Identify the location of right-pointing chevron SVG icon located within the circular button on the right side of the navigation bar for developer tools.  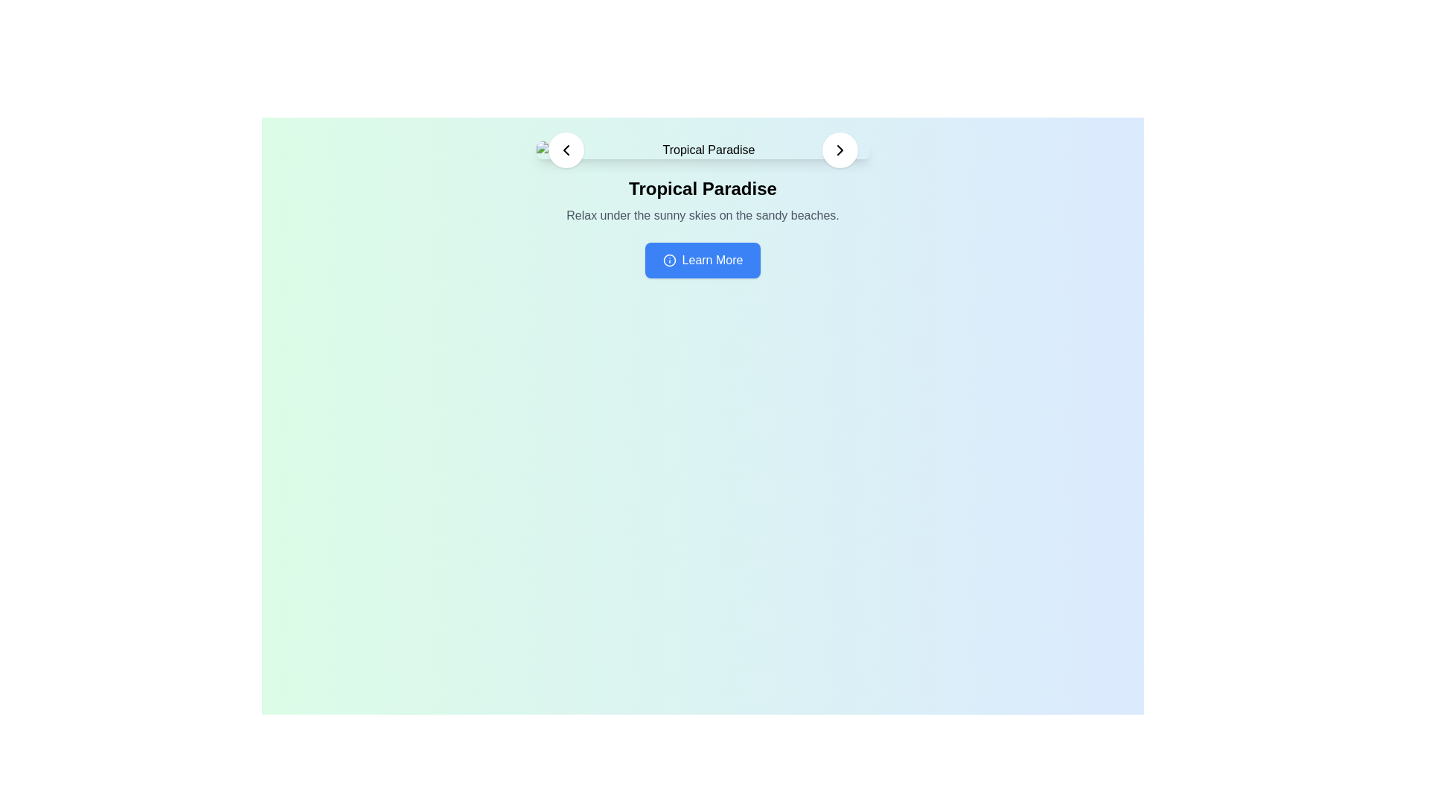
(840, 150).